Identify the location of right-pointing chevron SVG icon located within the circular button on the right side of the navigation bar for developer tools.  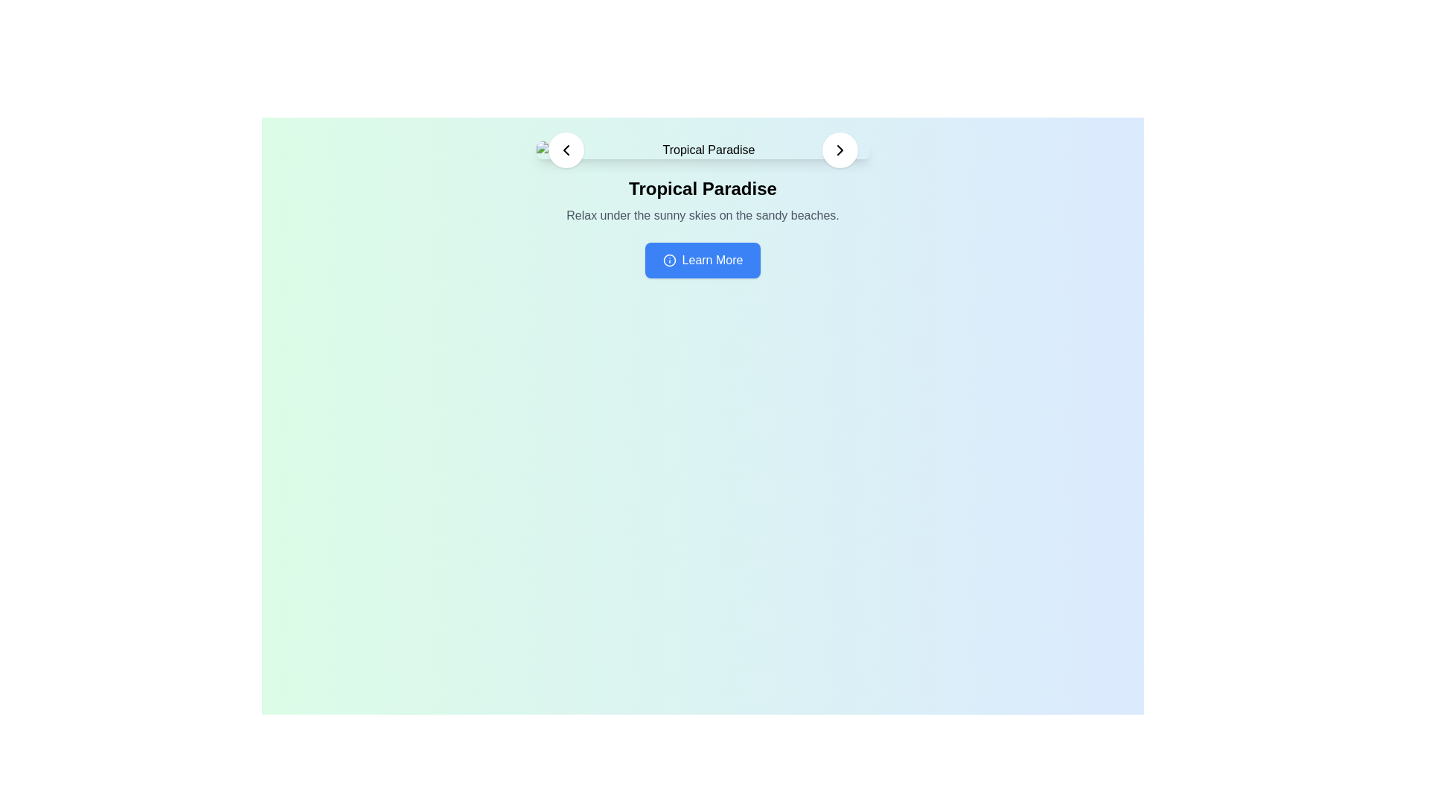
(840, 150).